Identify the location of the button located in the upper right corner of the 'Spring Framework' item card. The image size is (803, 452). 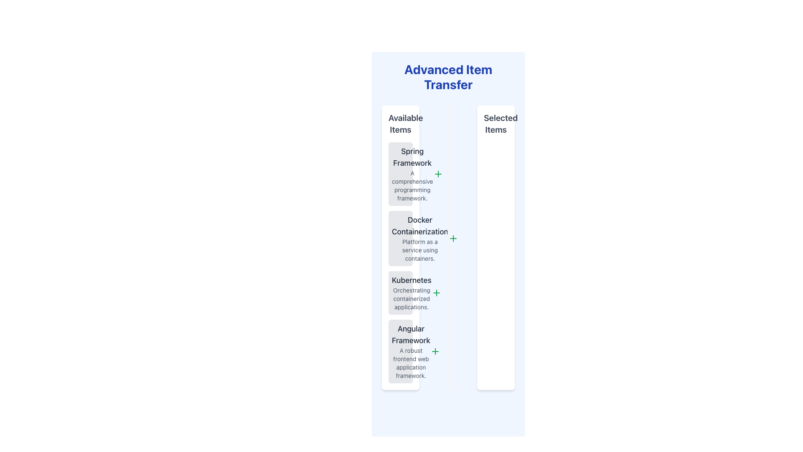
(437, 174).